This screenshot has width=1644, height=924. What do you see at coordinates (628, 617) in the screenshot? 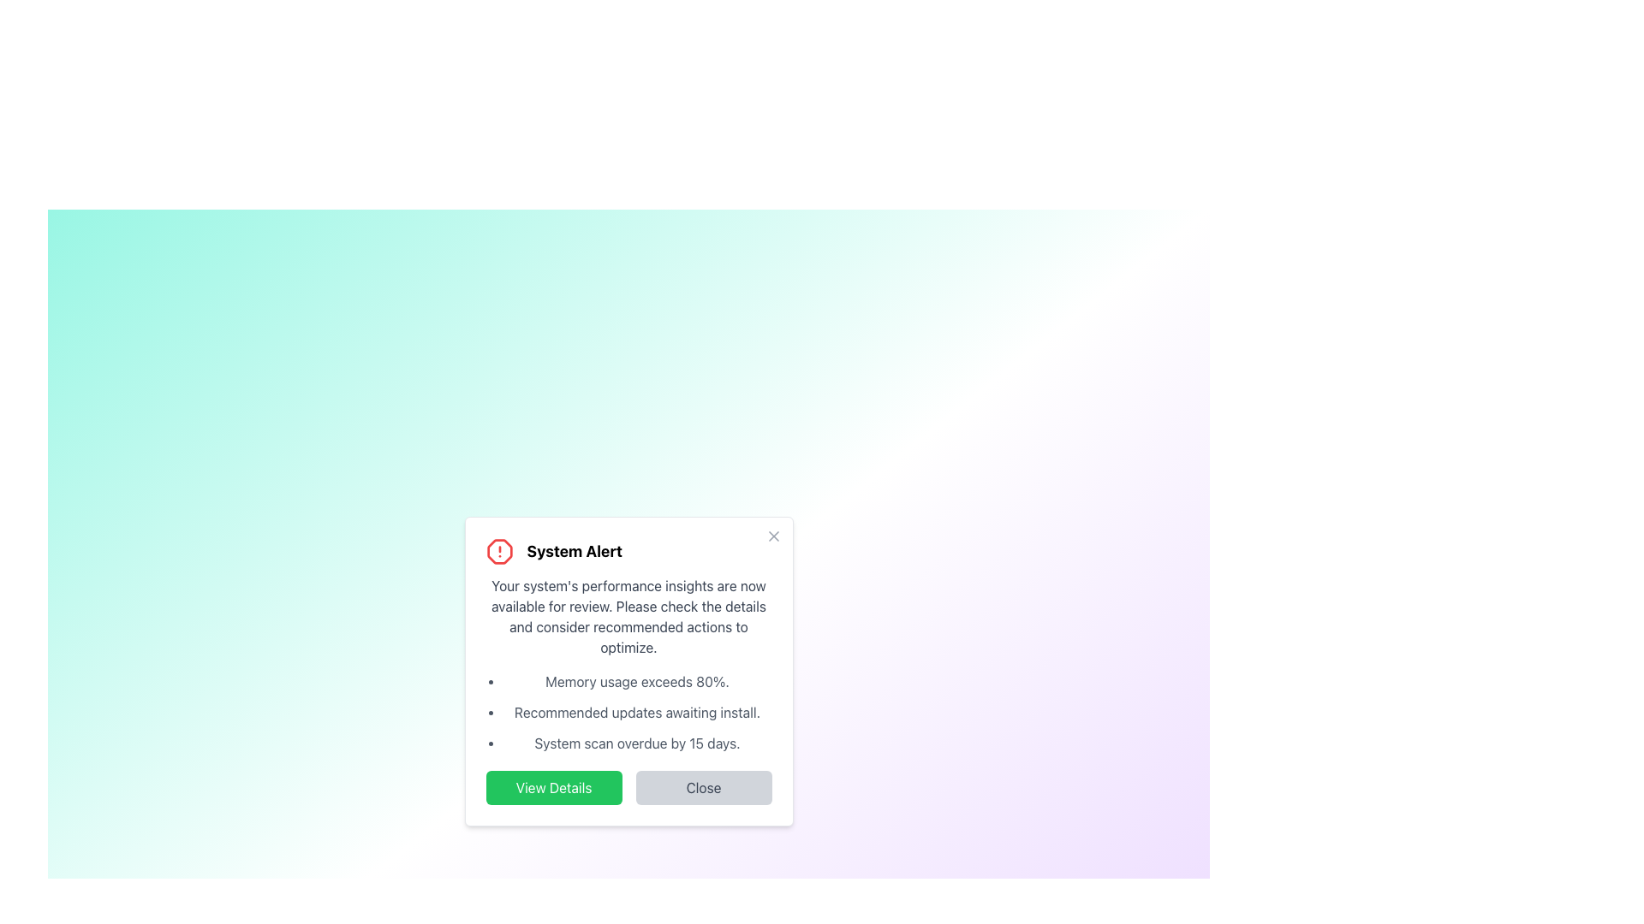
I see `system notification text that states 'Your system's performance insights are now available for review. Please check the details and consider recommended actions to optimize.'` at bounding box center [628, 617].